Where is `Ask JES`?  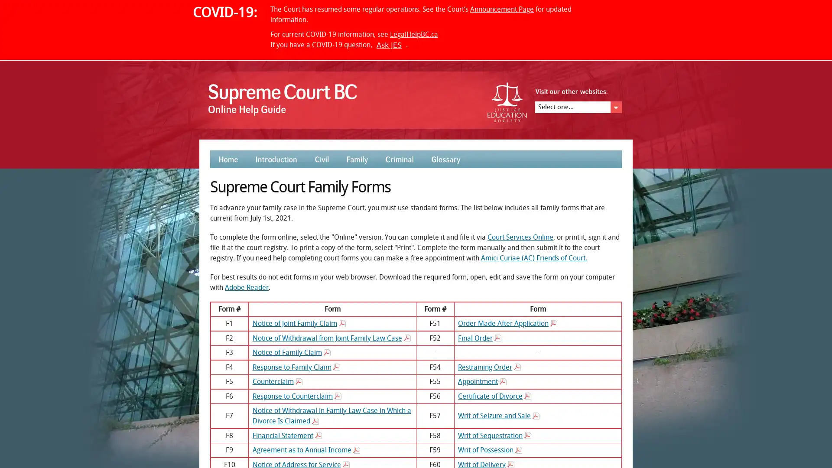 Ask JES is located at coordinates (388, 45).